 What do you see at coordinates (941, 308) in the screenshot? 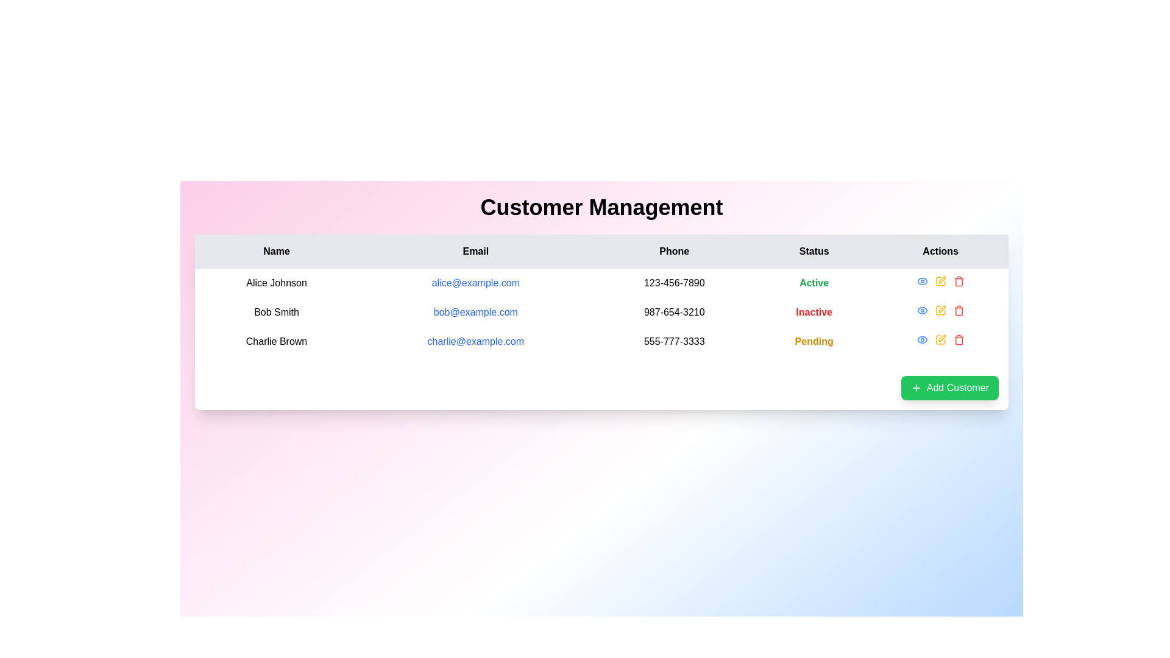
I see `the pen-shaped icon located in the 'Actions' column of the third row in the table to initiate the edit action` at bounding box center [941, 308].